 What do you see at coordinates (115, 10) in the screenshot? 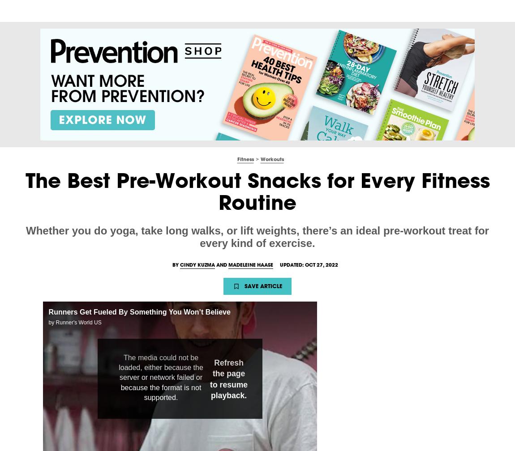
I see `'Health'` at bounding box center [115, 10].